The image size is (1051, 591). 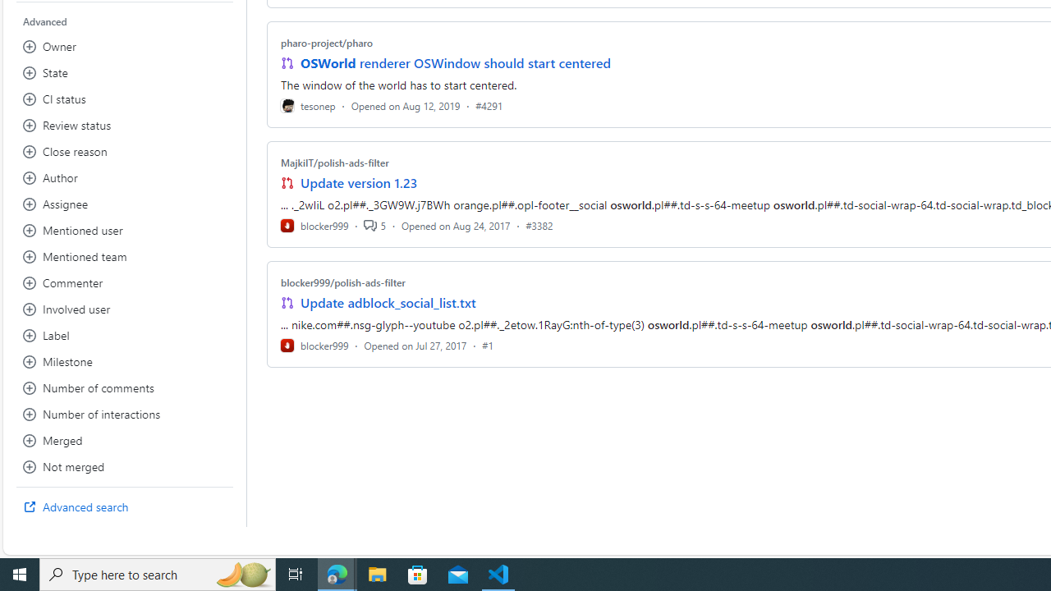 I want to click on 'MajkiIT/polish-ads-filter', so click(x=333, y=163).